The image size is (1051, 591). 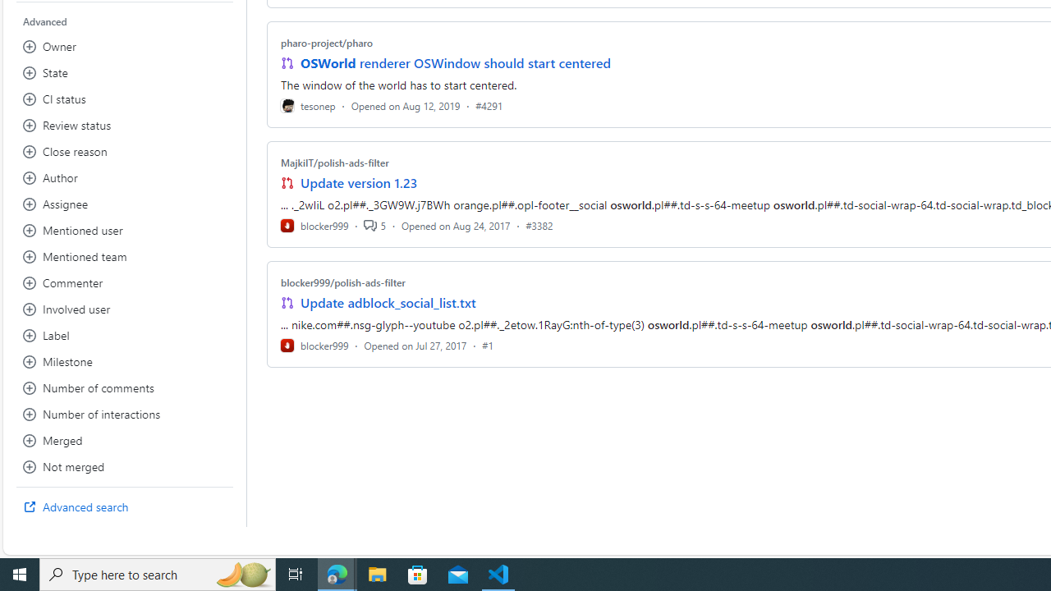 I want to click on 'MajkiIT/polish-ads-filter', so click(x=333, y=163).